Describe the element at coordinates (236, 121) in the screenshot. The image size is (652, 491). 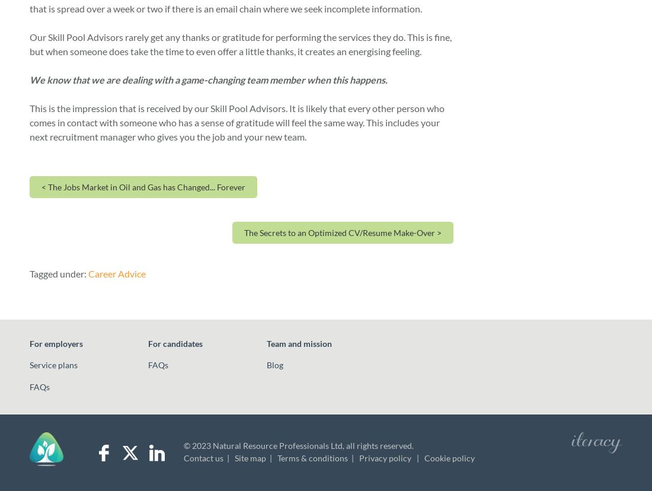
I see `'This is the impression that is received by our Skill Pool Advisors. It is likely that every other person who comes in contact with someone who has a sense of gratitude will feel the same way. This includes your next recruitment manager who gives you the job and your new team.'` at that location.